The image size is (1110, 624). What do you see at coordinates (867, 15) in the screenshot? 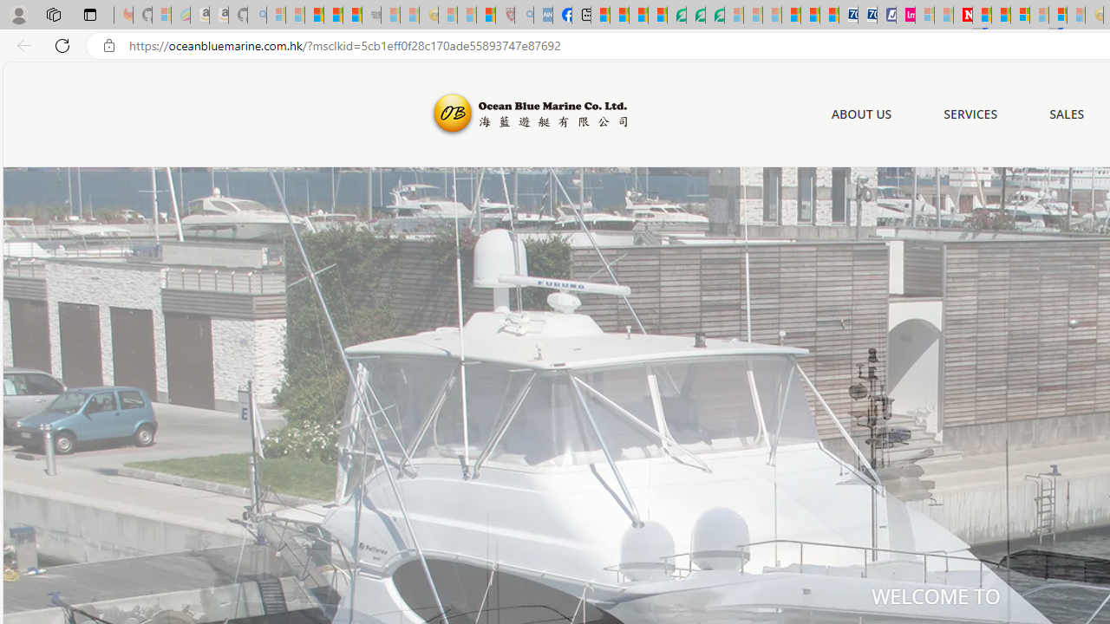
I see `'Cheap Hotels - Save70.com'` at bounding box center [867, 15].